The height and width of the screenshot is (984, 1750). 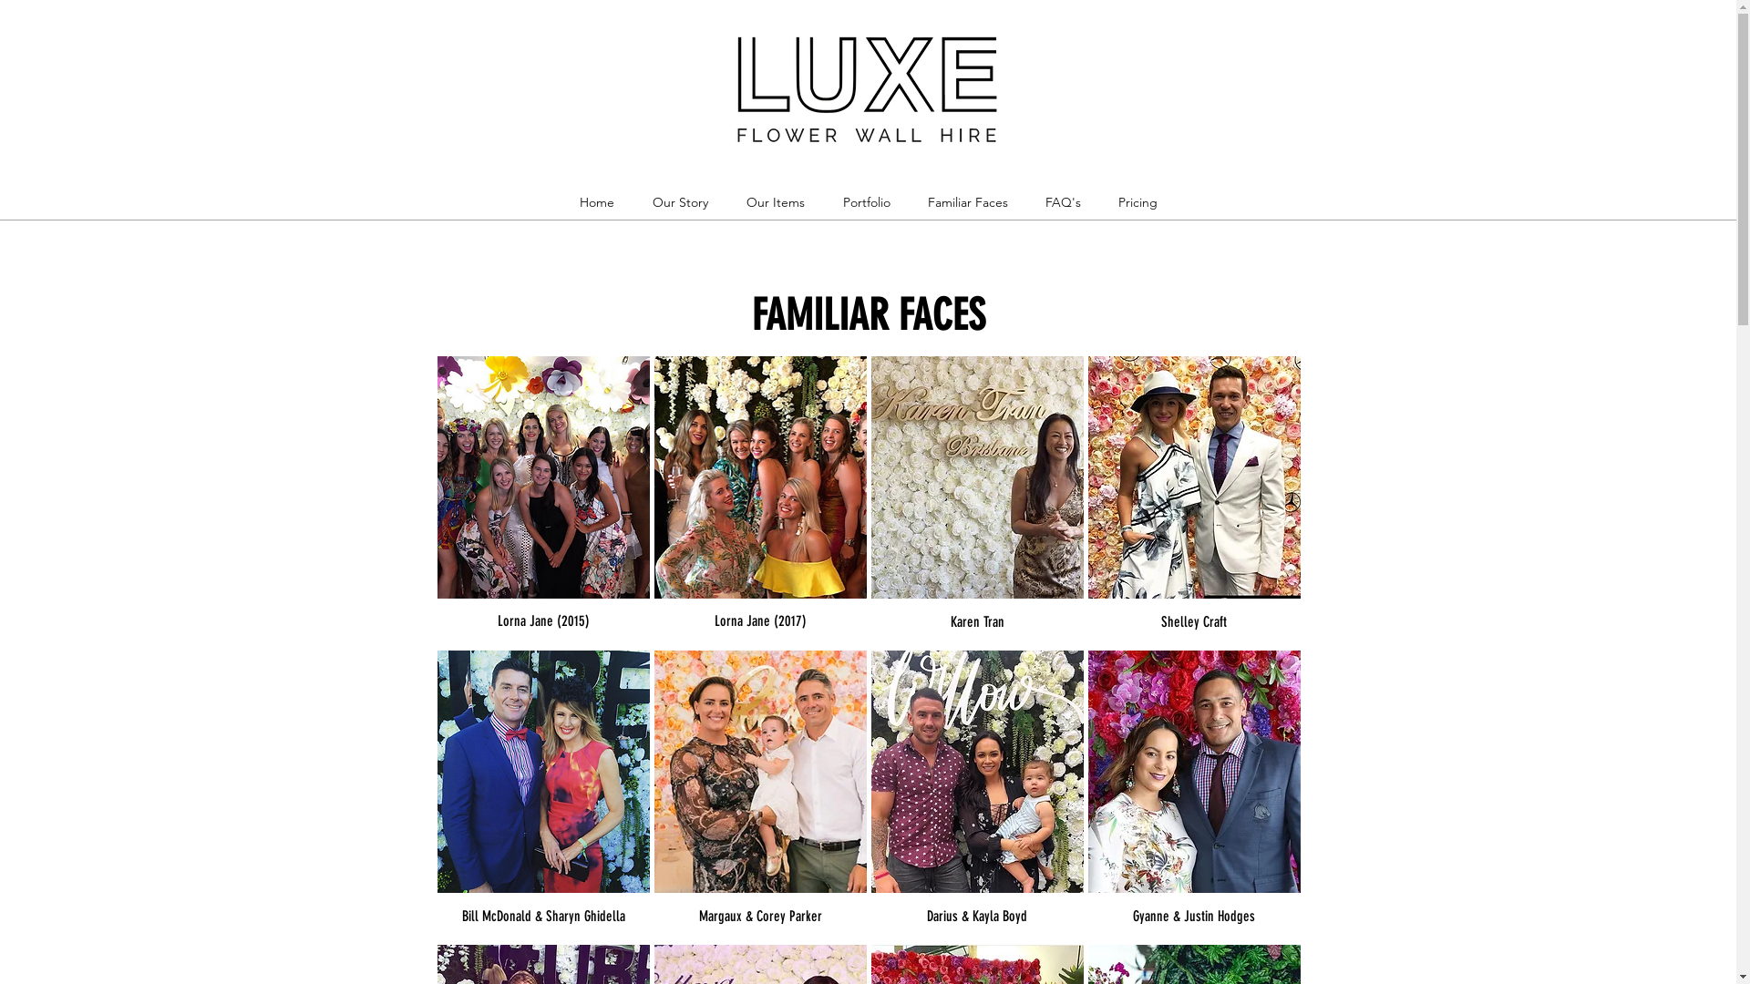 I want to click on 'Portfolio', so click(x=865, y=202).